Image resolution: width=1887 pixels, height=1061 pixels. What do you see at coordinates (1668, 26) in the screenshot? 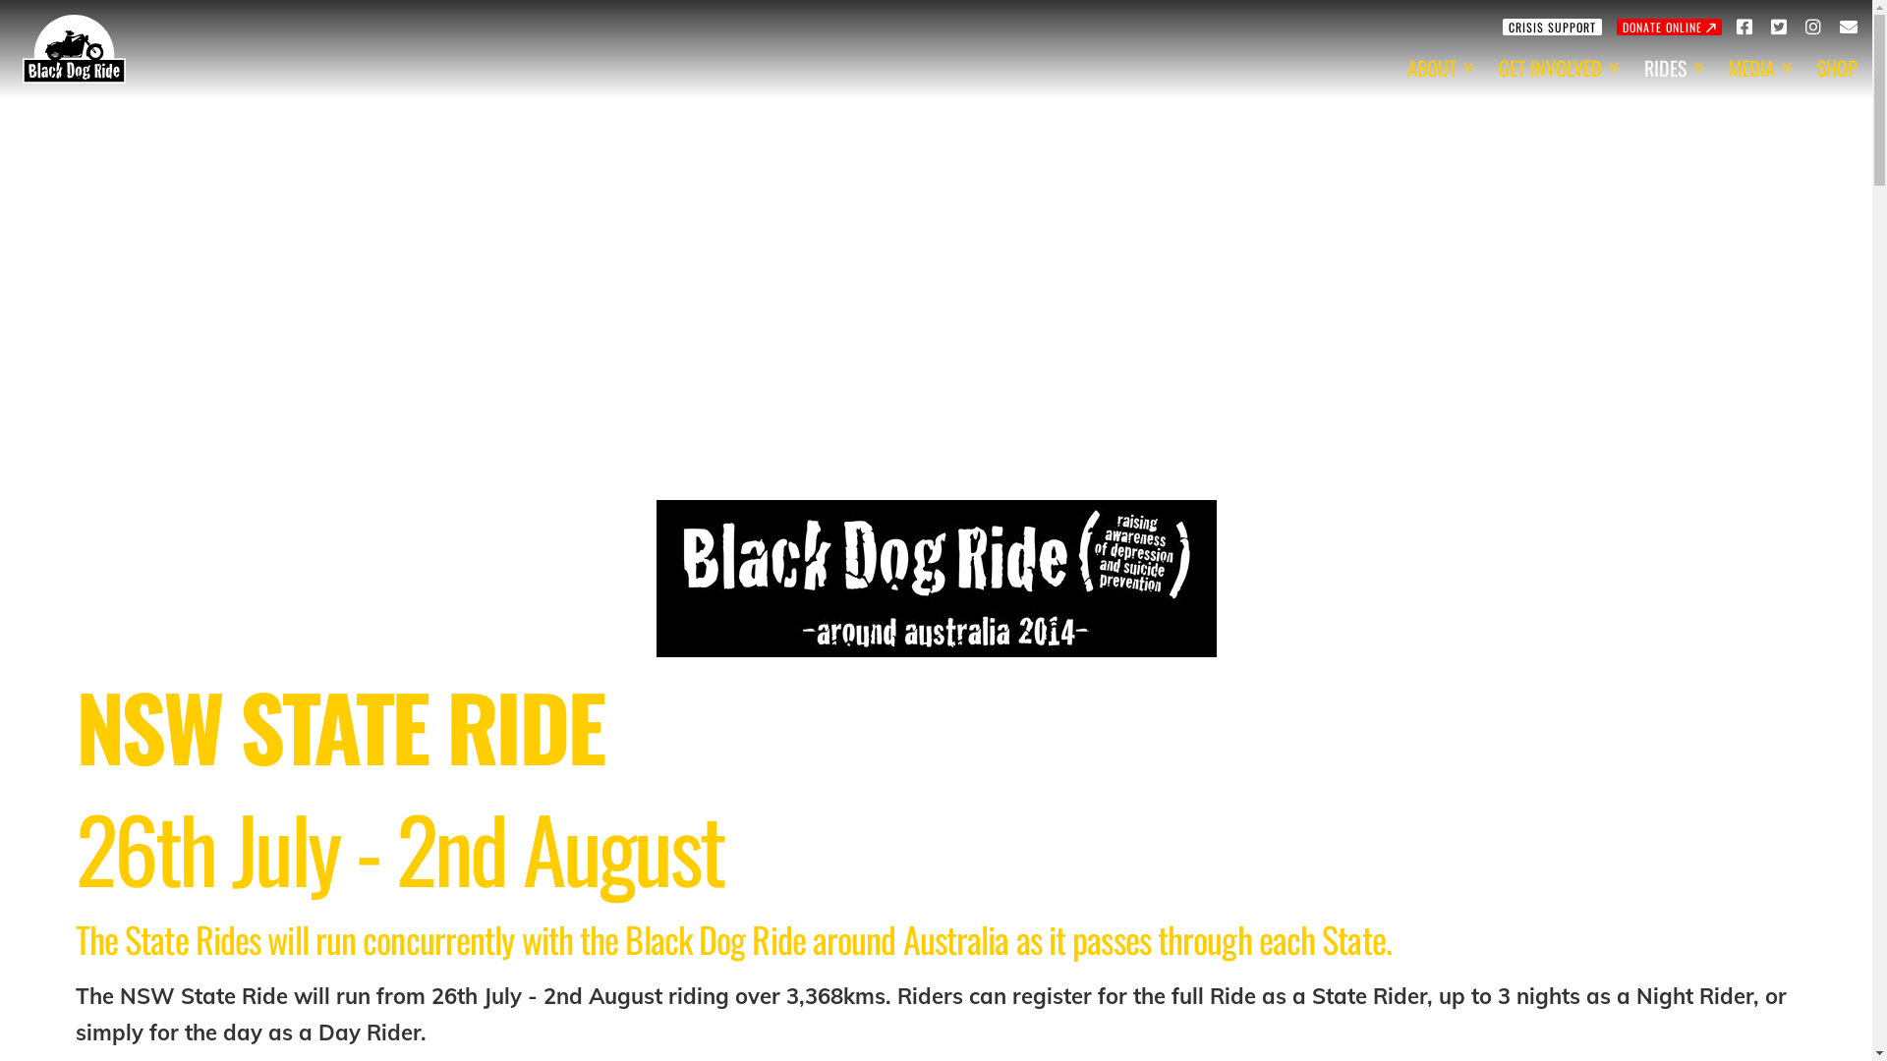
I see `'DONATE ONLINE'` at bounding box center [1668, 26].